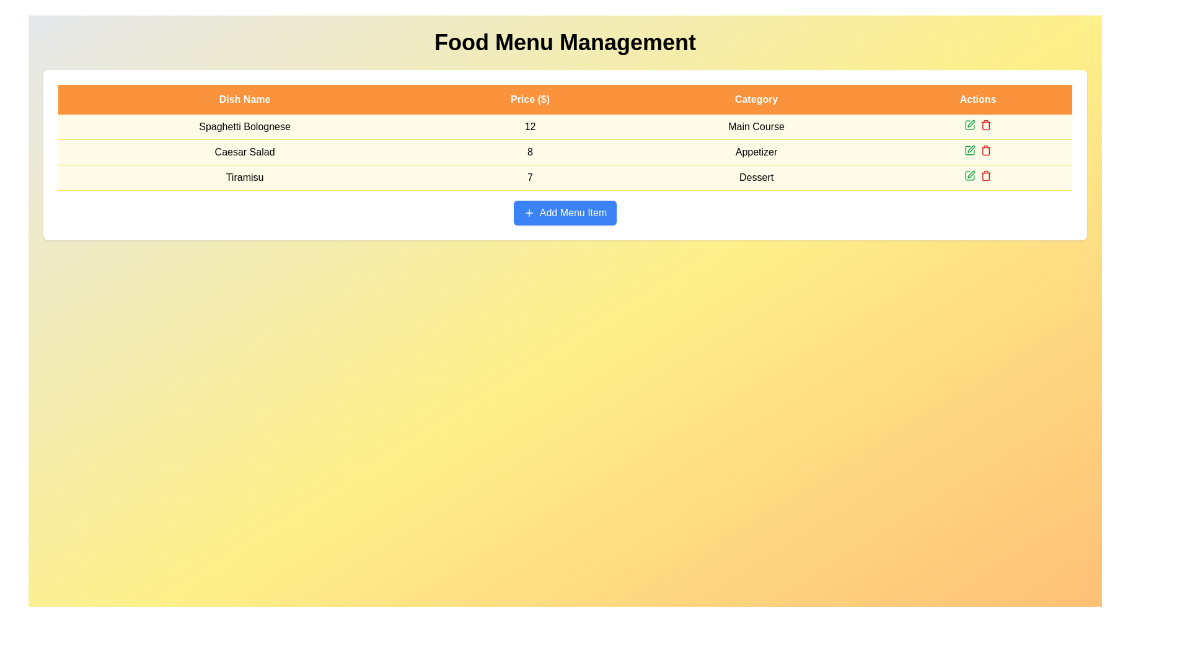 This screenshot has width=1190, height=669. Describe the element at coordinates (530, 99) in the screenshot. I see `the table column header labeled 'Price ($)' with a vibrant orange background and centered white text, located at the coordinates provided` at that location.